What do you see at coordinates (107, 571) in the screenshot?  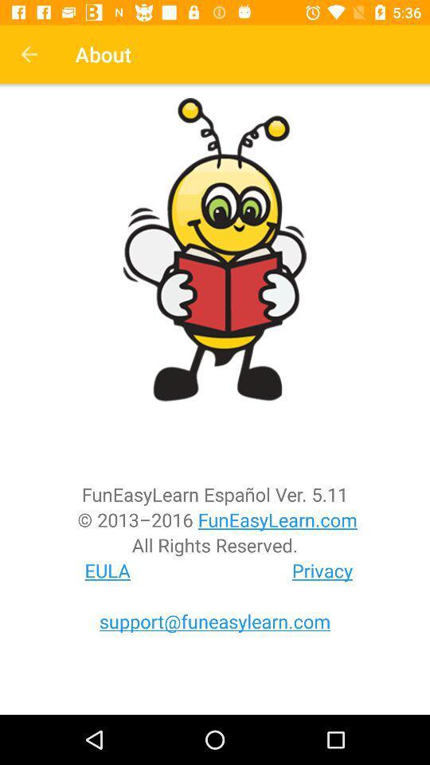 I see `eula item` at bounding box center [107, 571].